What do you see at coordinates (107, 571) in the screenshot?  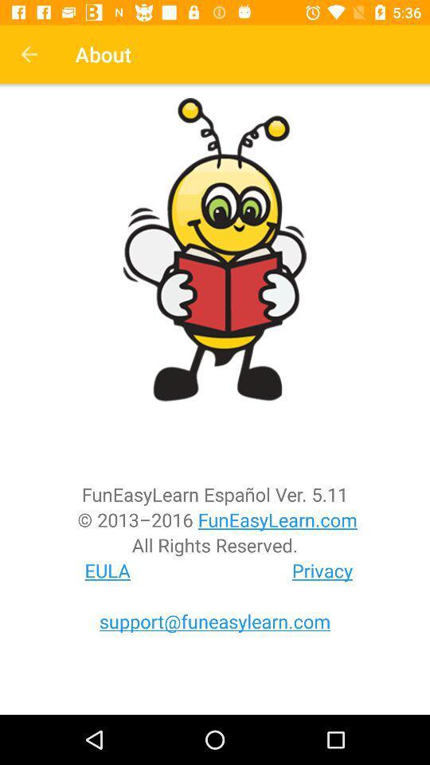 I see `eula item` at bounding box center [107, 571].